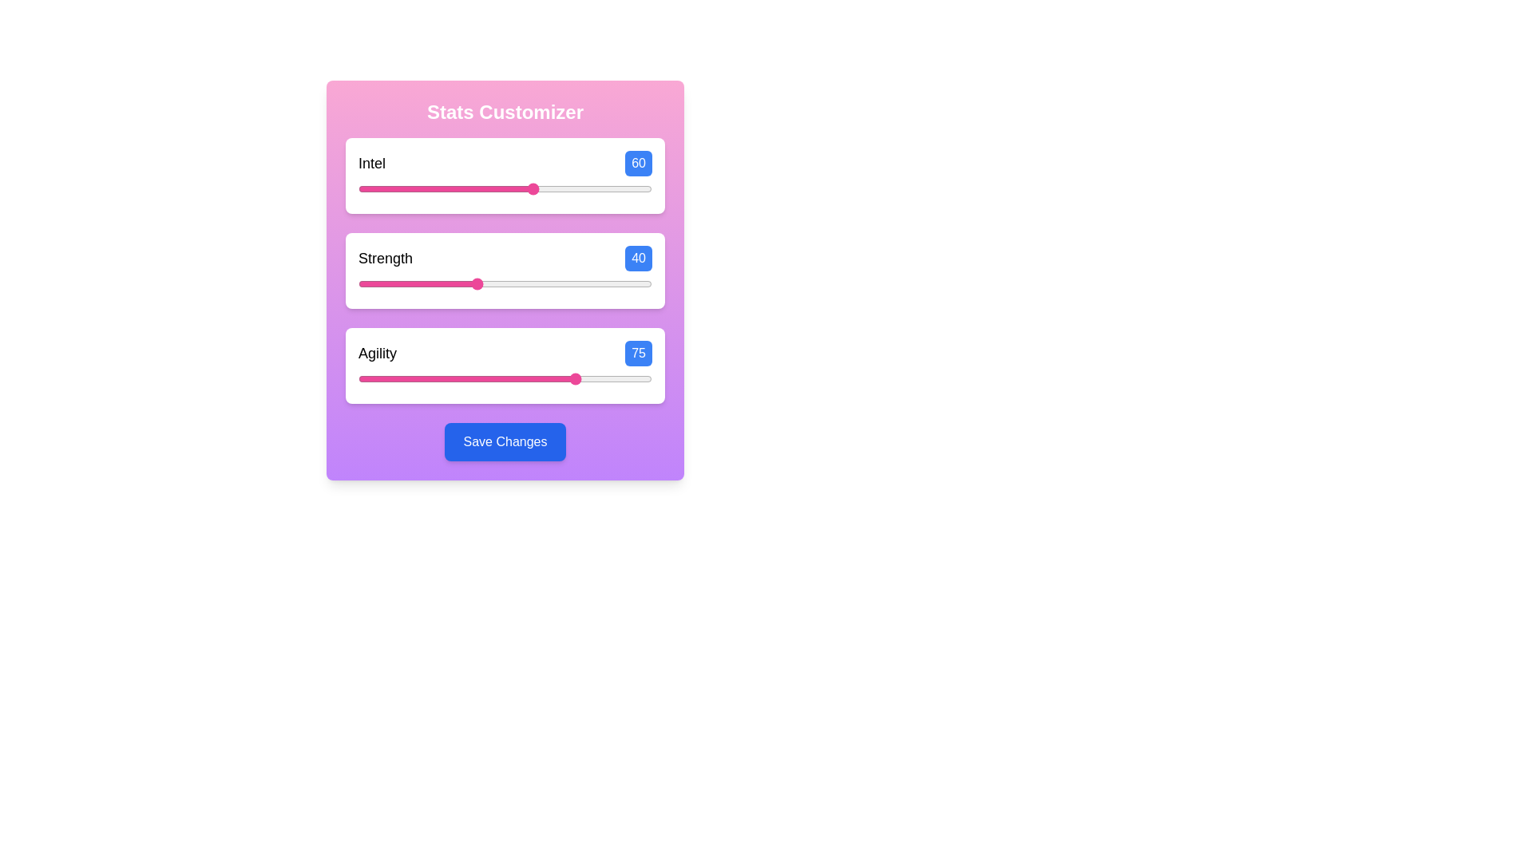 The image size is (1533, 862). I want to click on the slider, so click(596, 188).